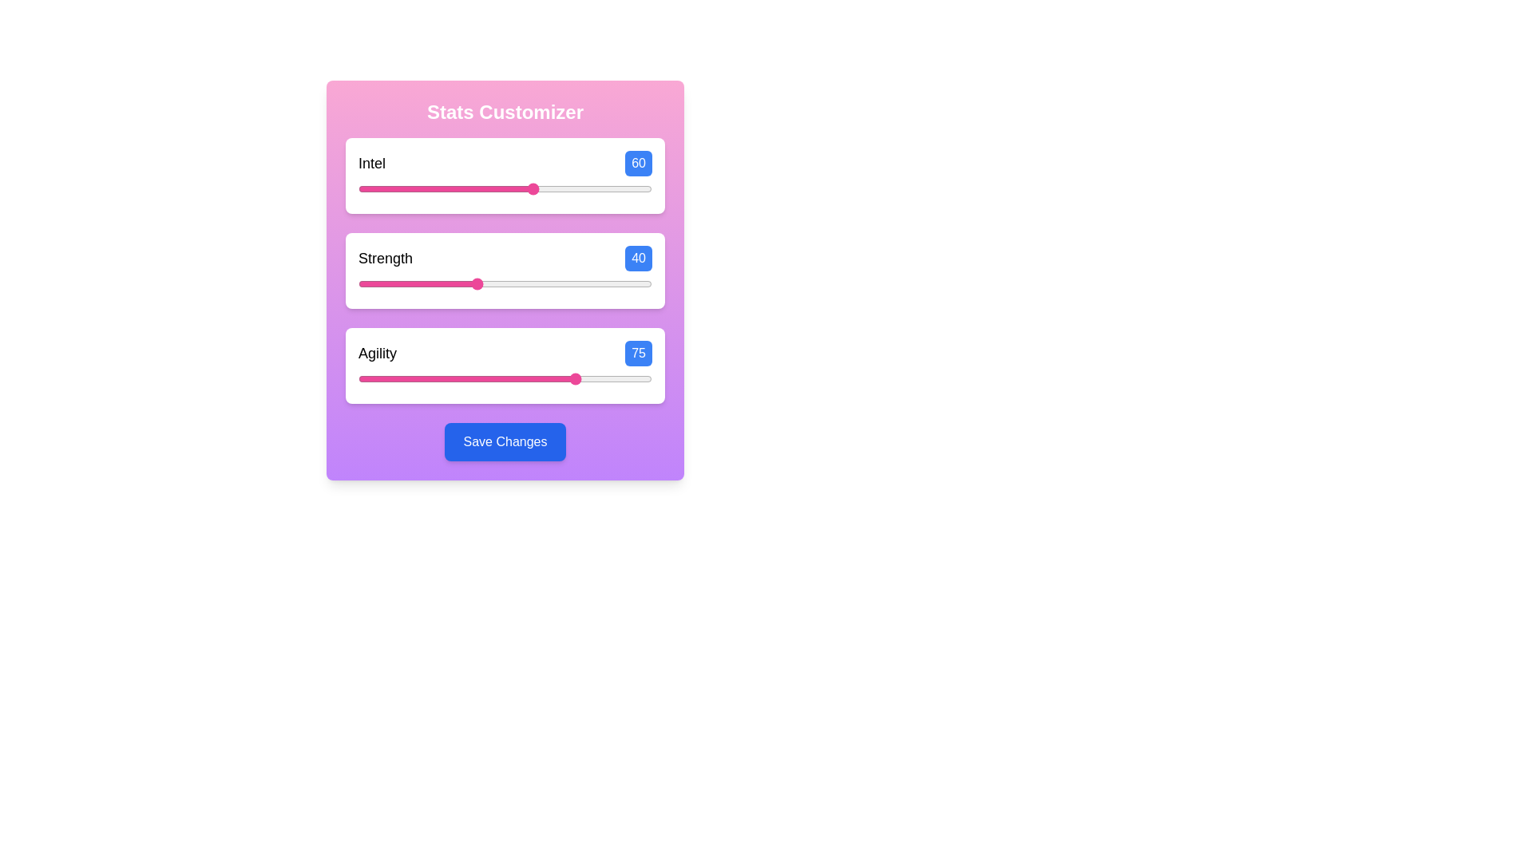 The image size is (1533, 862). I want to click on the slider, so click(596, 188).